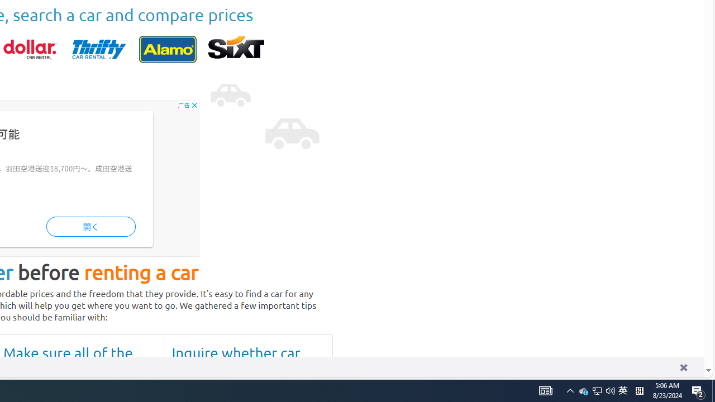  I want to click on 'dollar', so click(30, 49).